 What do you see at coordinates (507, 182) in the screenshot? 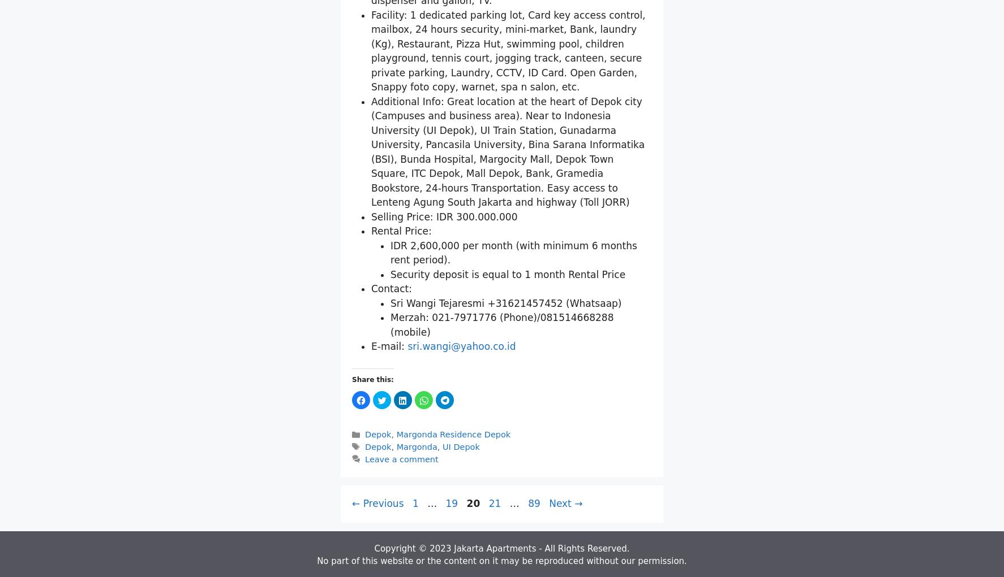
I see `'Facility: 1 dedicated parking lot, Card key access control, mailbox, 24 hours security, mini-market, Bank, laundry (Kg), Restaurant, Pizza Hut, swimming pool, children playground, tennis court, jogging track, canteen, secure private parking, Laundry, CCTV, ID Card. Open Garden, Snappy foto copy, warnet, spa n salon, etc.'` at bounding box center [507, 182].